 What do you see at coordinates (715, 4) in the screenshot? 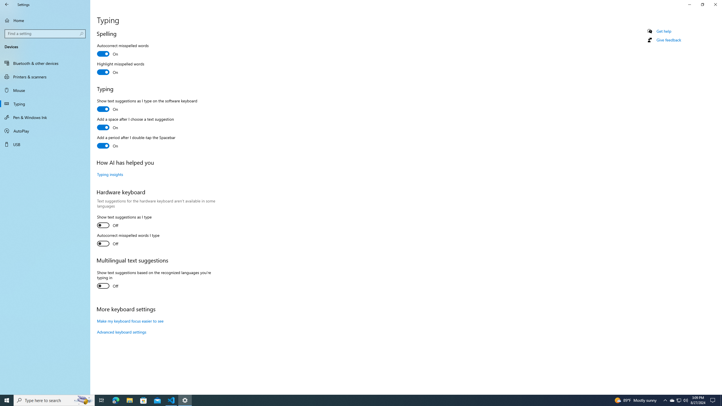
I see `'Close Settings'` at bounding box center [715, 4].